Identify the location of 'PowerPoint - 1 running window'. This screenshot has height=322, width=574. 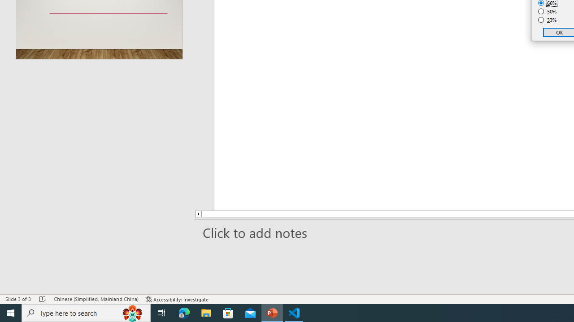
(272, 312).